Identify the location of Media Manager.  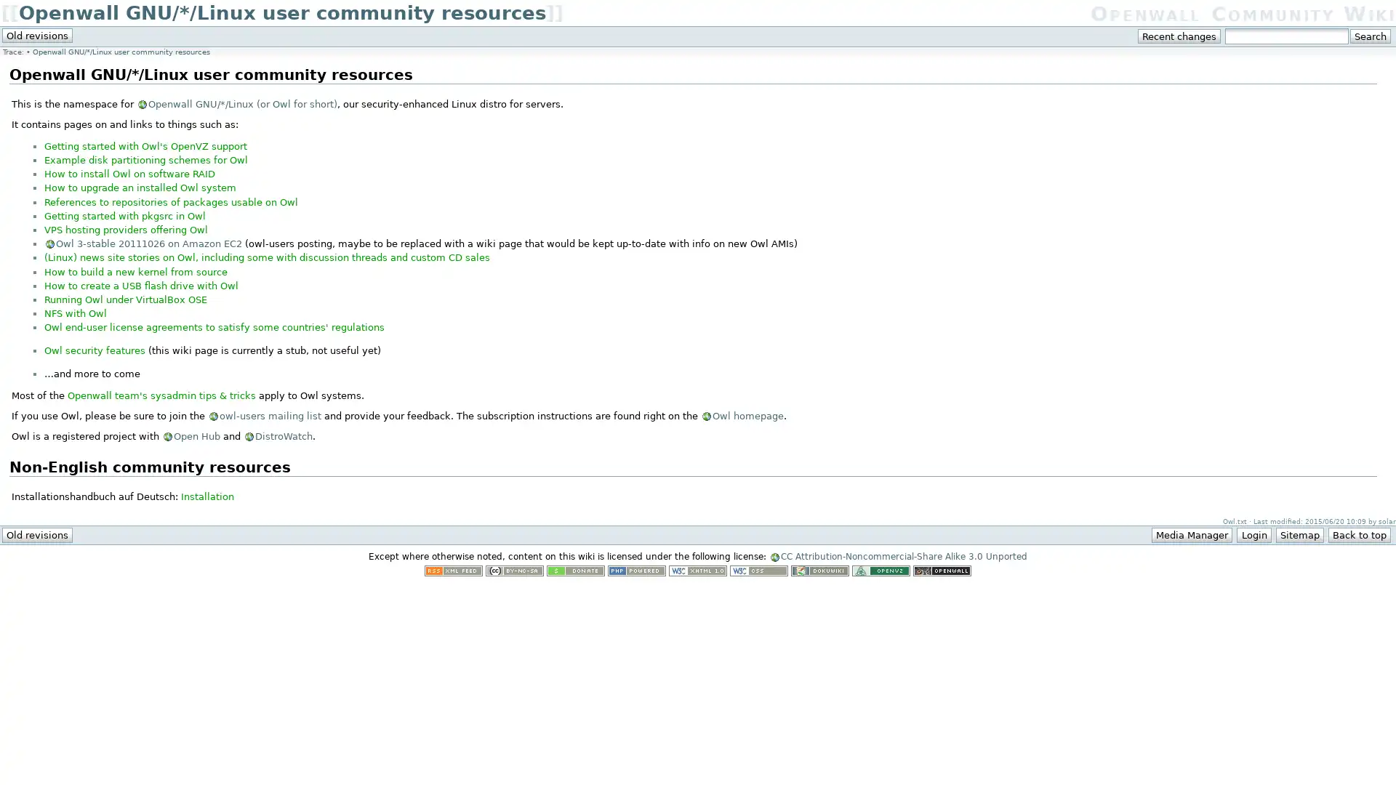
(1192, 535).